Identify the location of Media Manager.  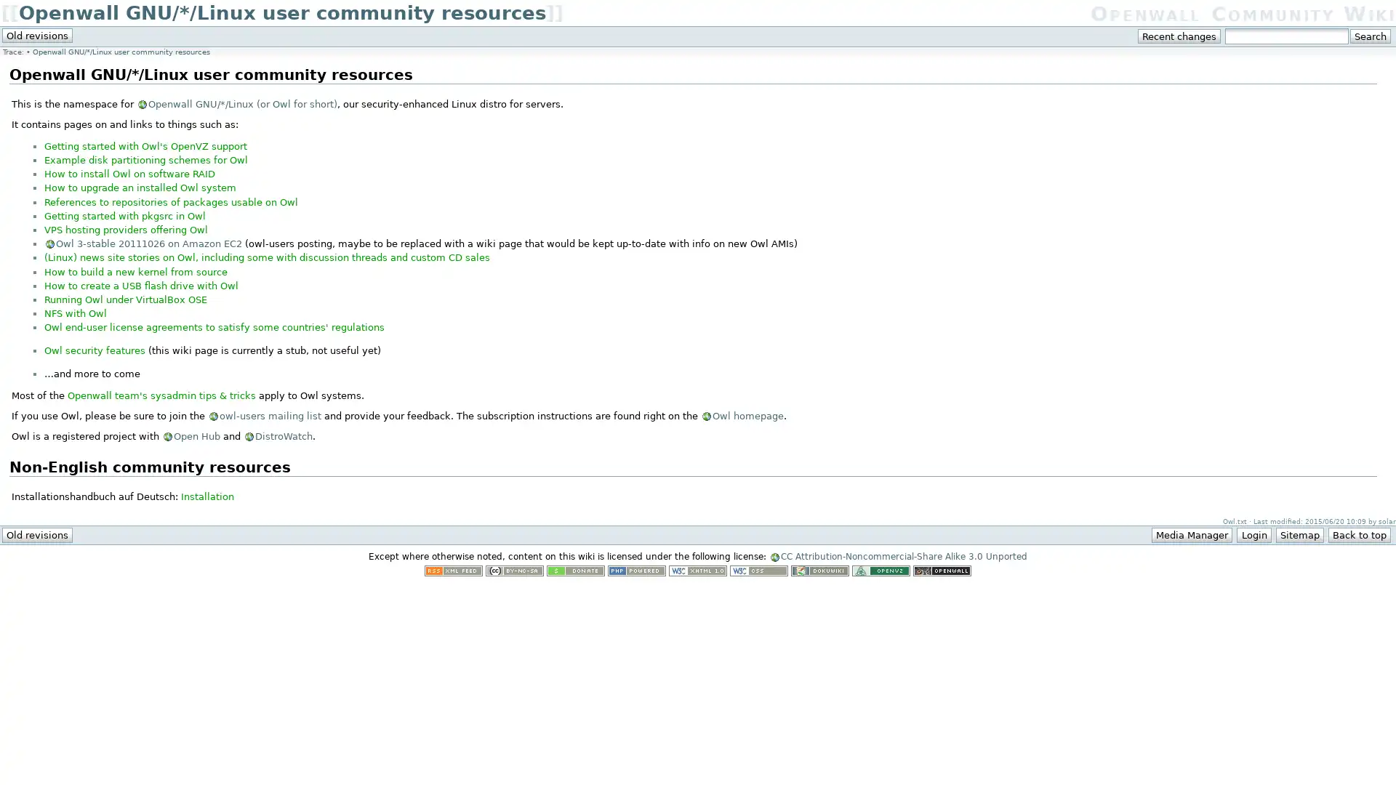
(1192, 535).